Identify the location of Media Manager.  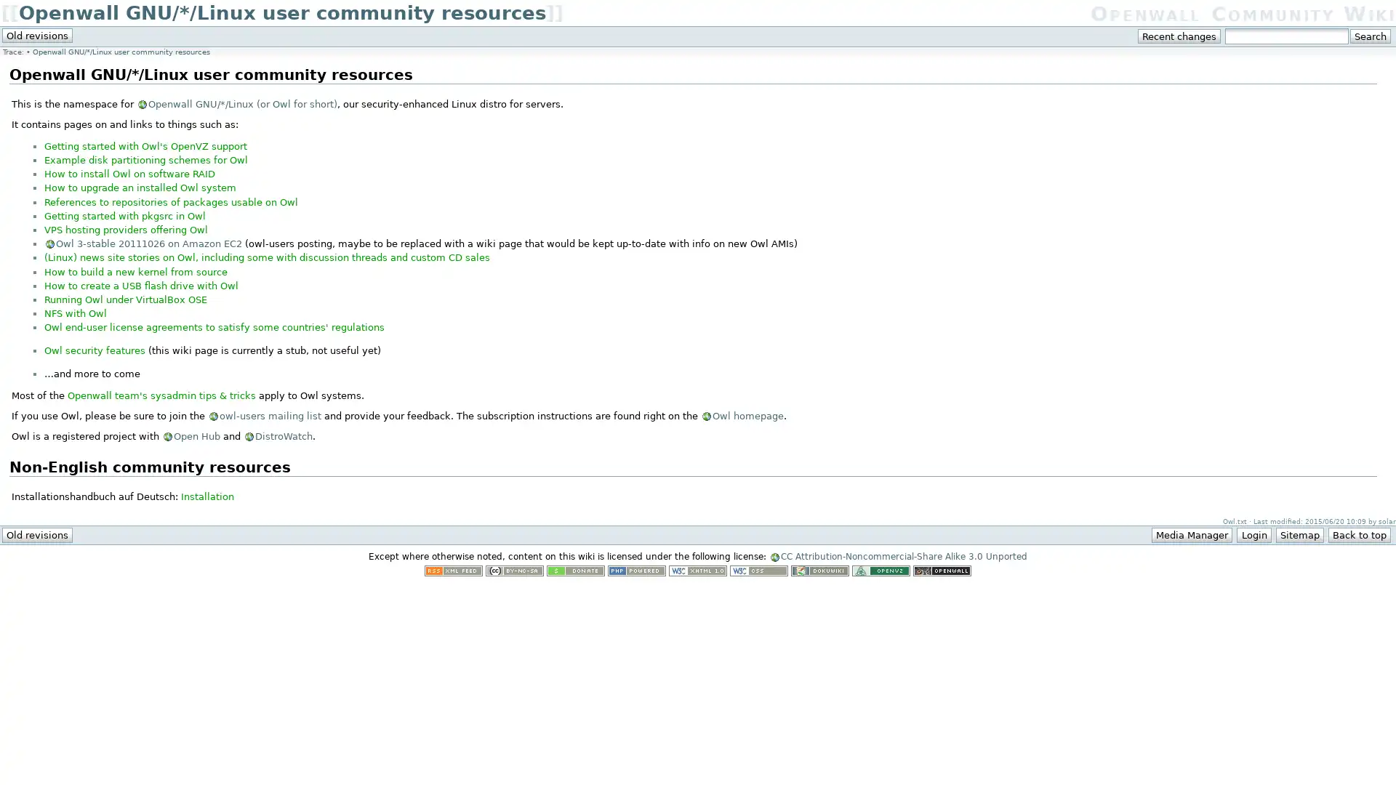
(1192, 535).